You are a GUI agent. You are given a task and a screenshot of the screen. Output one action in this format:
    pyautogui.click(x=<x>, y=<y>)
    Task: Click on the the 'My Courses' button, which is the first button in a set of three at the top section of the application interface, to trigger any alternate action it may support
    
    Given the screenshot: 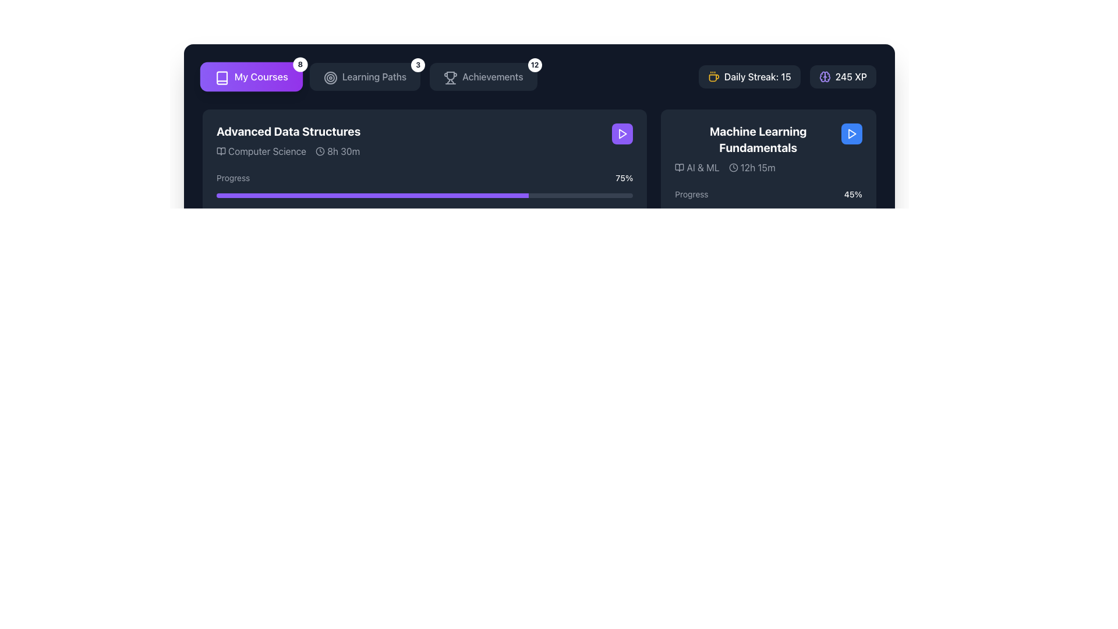 What is the action you would take?
    pyautogui.click(x=251, y=76)
    